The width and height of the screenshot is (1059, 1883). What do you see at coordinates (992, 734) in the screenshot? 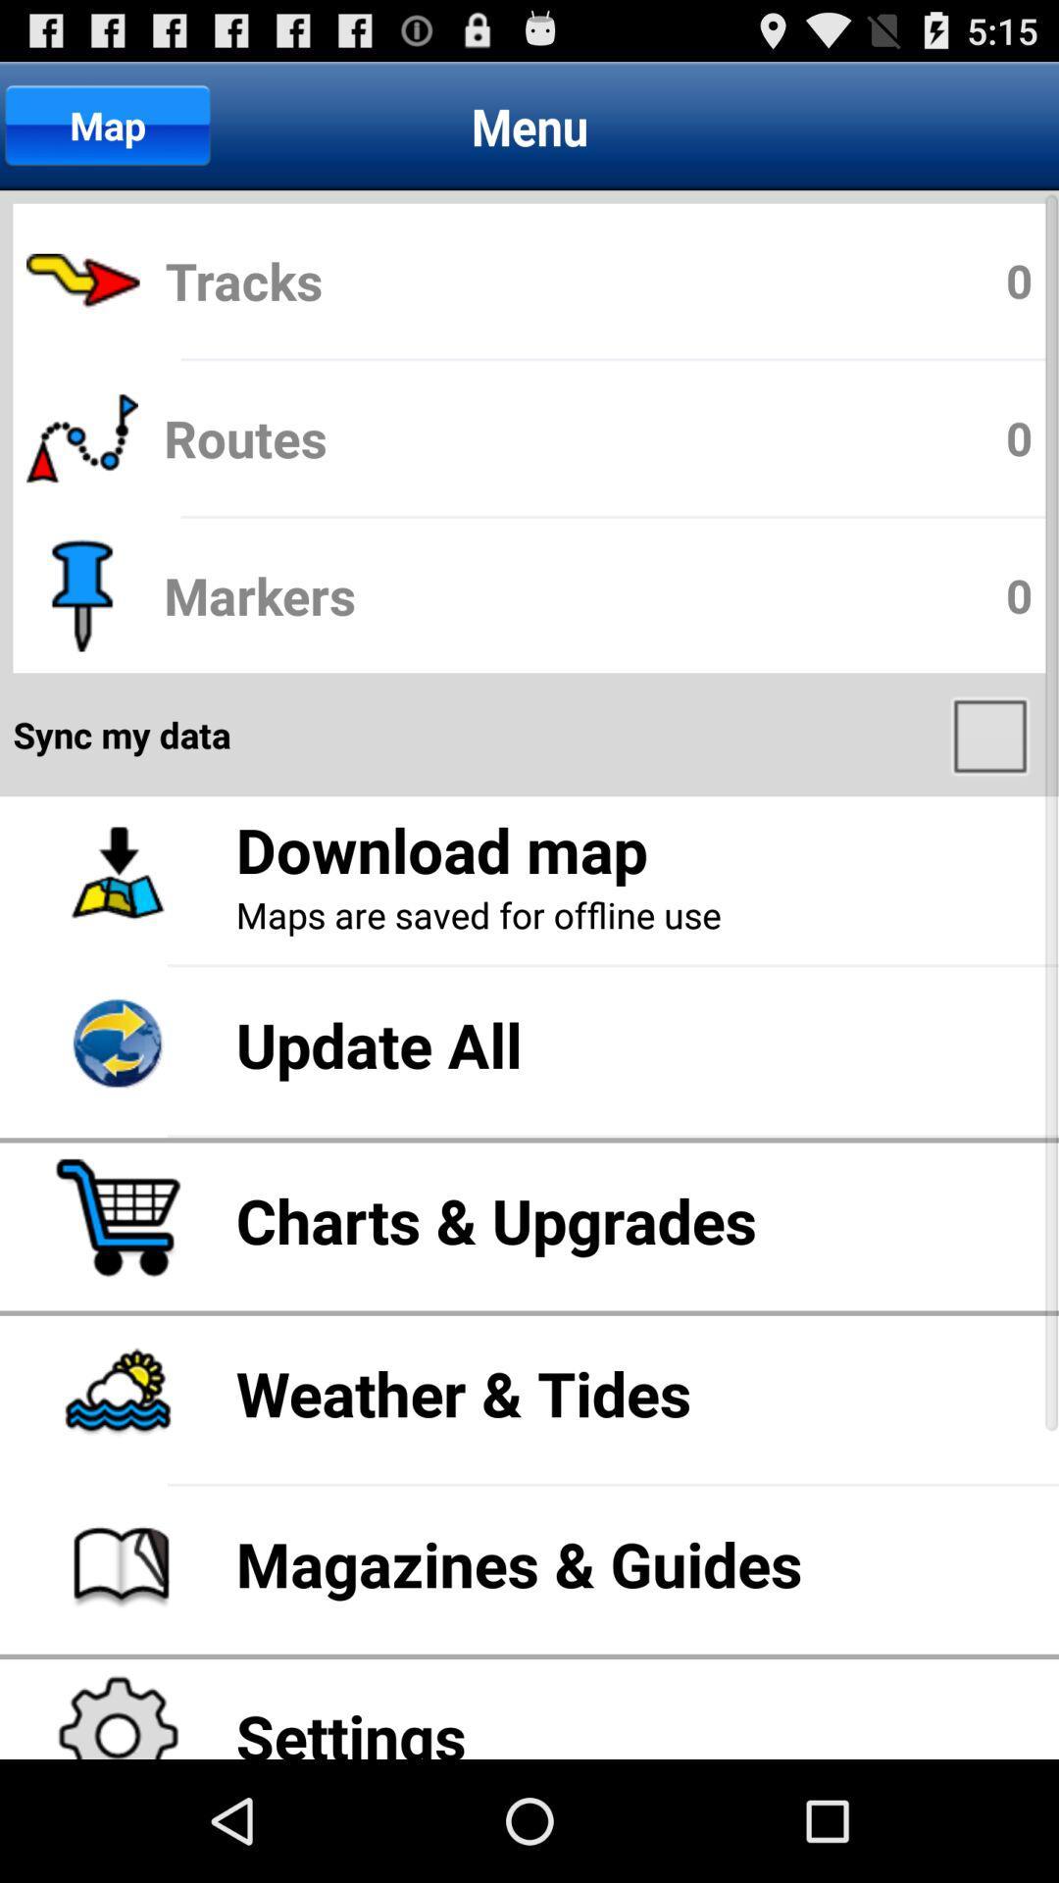
I see `sync data` at bounding box center [992, 734].